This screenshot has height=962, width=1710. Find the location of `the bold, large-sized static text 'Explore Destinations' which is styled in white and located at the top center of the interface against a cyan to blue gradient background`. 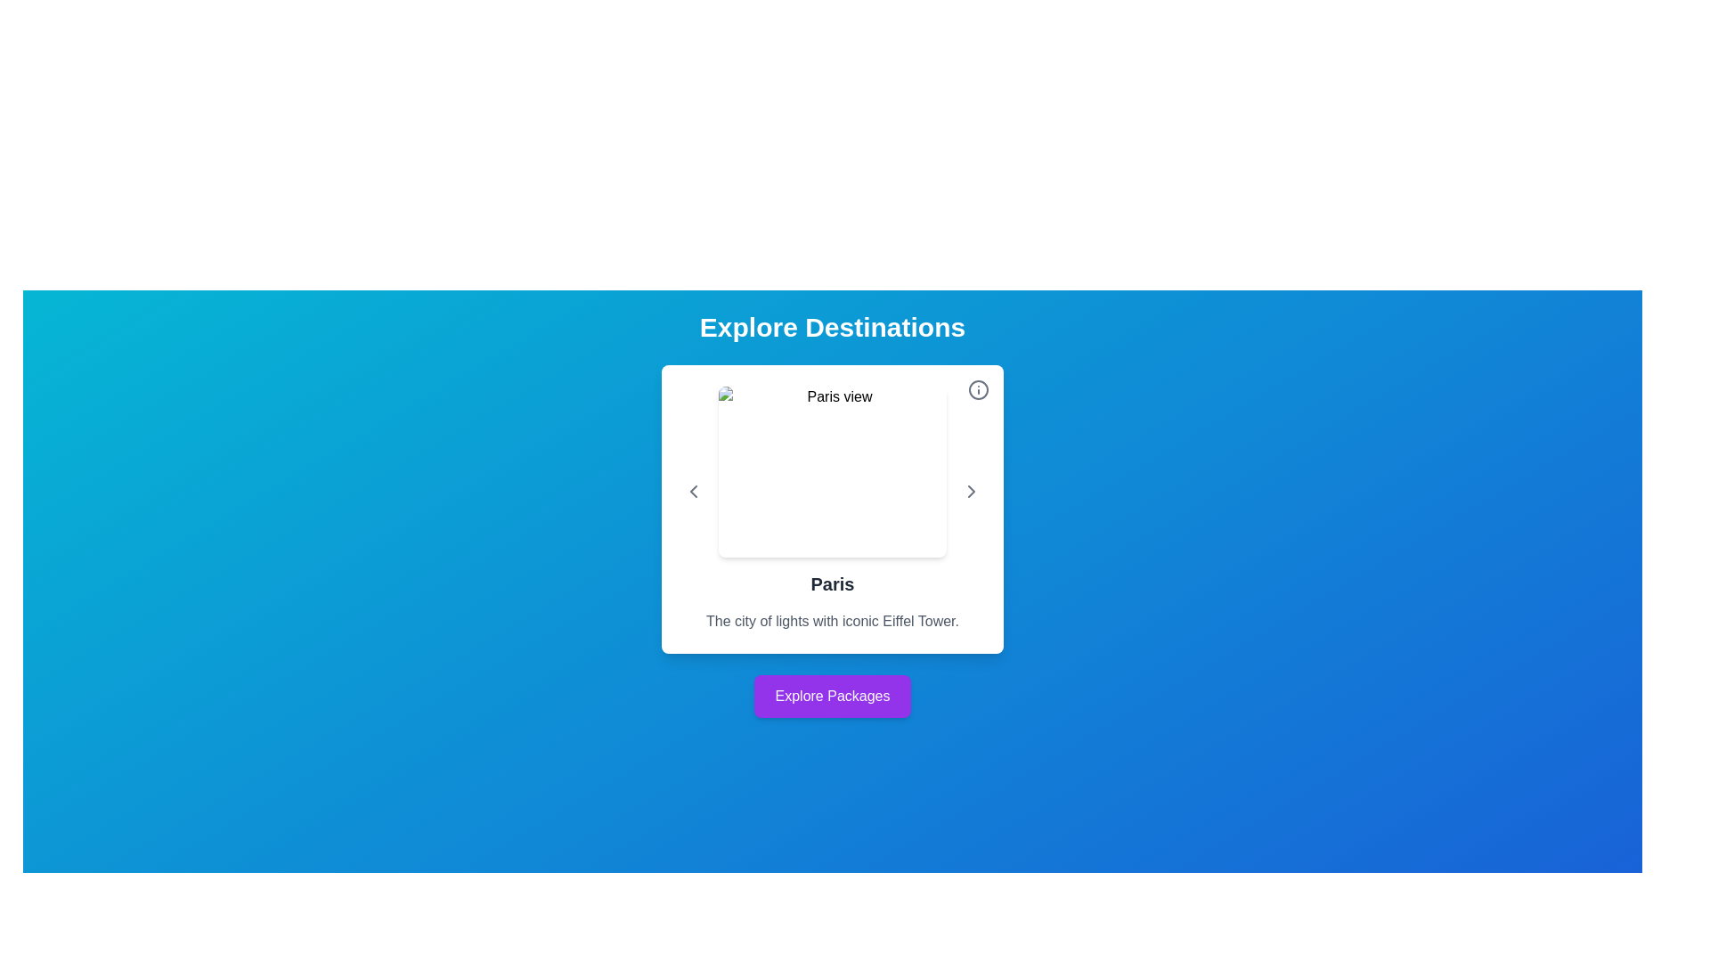

the bold, large-sized static text 'Explore Destinations' which is styled in white and located at the top center of the interface against a cyan to blue gradient background is located at coordinates (832, 327).